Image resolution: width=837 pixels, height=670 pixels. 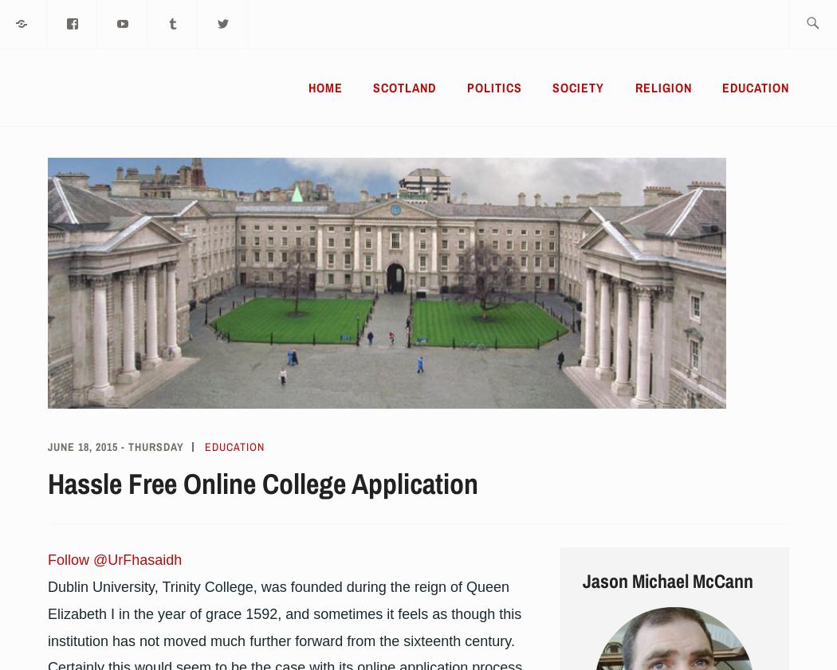 I want to click on 'Society', so click(x=577, y=87).